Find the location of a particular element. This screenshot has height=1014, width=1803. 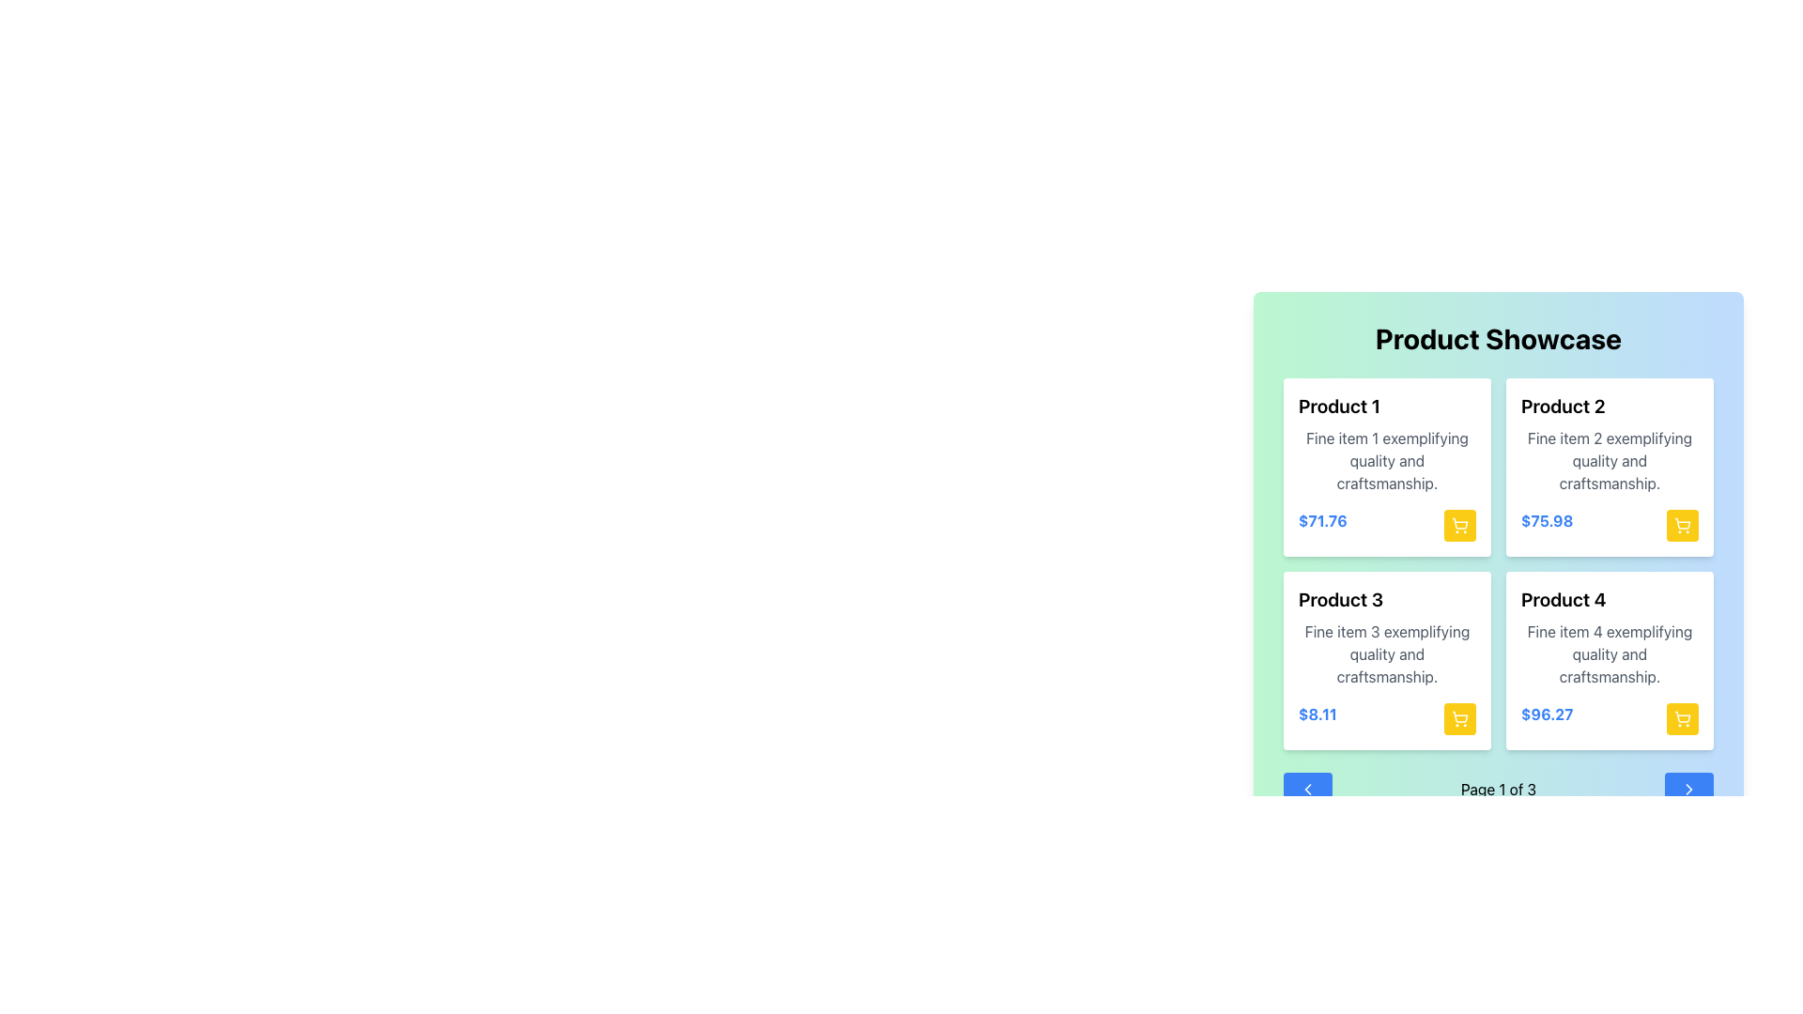

the text block that describes 'Product 2', which is located in the second item of the grid layout under the 'Product Showcase' section is located at coordinates (1609, 460).